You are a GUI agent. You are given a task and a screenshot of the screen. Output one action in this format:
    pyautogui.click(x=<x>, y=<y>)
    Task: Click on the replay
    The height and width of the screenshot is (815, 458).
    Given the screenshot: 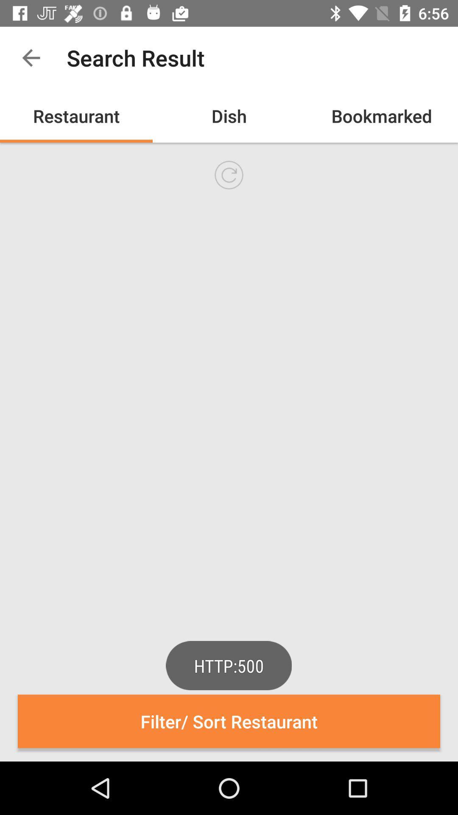 What is the action you would take?
    pyautogui.click(x=229, y=174)
    